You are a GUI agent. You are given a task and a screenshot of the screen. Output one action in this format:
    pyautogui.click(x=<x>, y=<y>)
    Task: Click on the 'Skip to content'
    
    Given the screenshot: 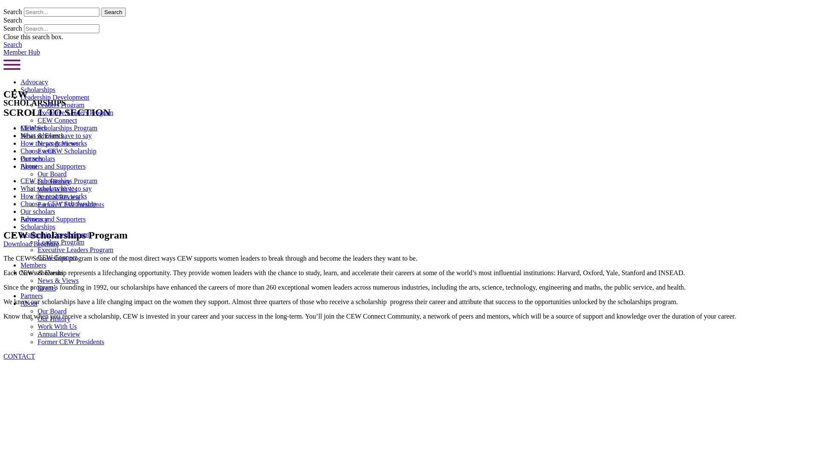 What is the action you would take?
    pyautogui.click(x=24, y=7)
    